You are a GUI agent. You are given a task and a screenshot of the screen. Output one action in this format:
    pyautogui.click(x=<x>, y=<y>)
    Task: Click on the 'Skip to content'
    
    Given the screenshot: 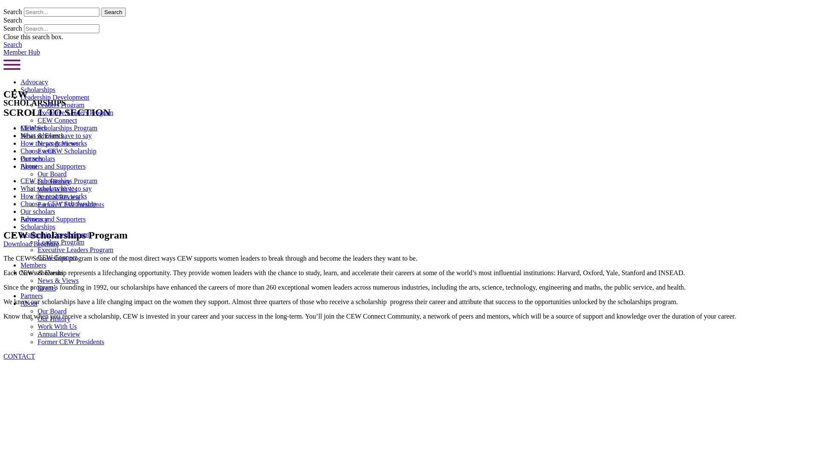 What is the action you would take?
    pyautogui.click(x=24, y=7)
    